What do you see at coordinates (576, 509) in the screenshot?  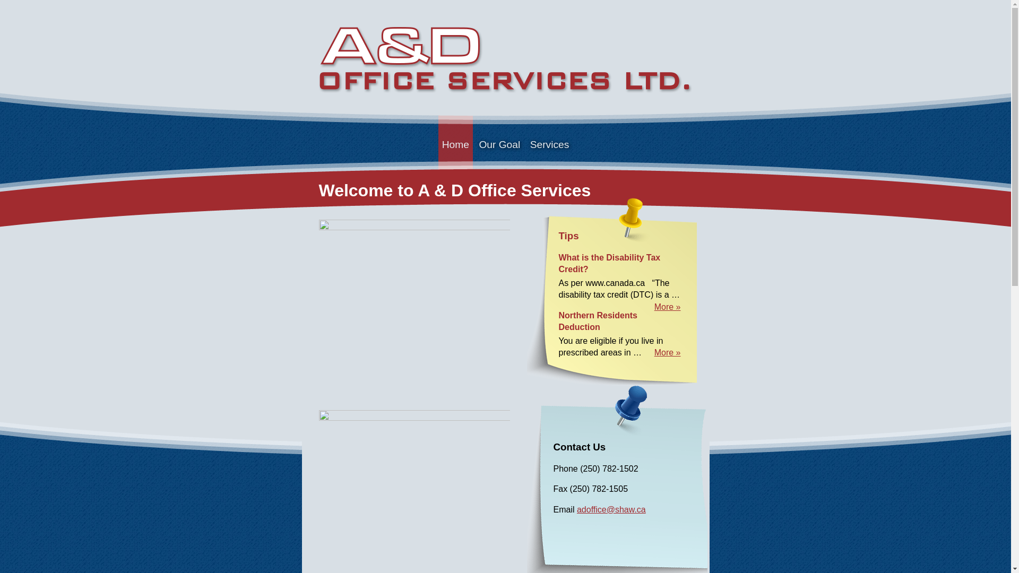 I see `'adoffice@shaw.ca'` at bounding box center [576, 509].